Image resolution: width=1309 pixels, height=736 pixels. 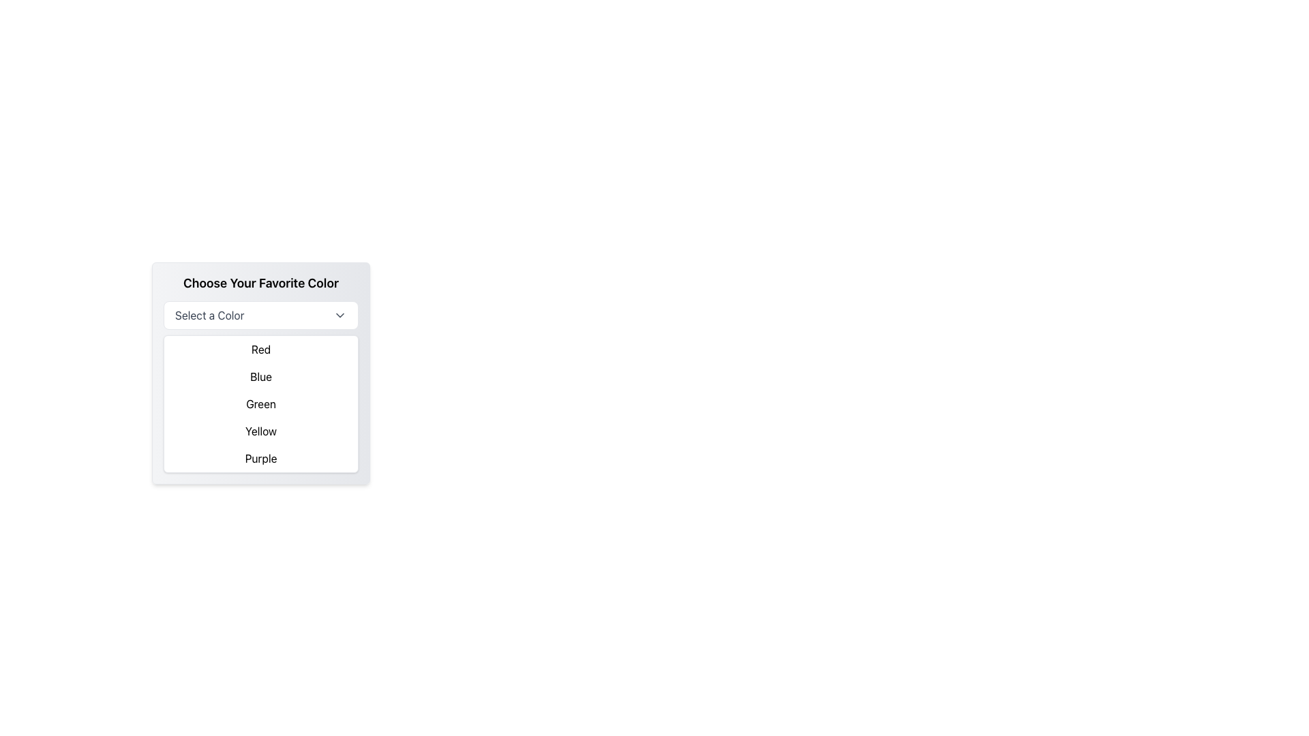 I want to click on the dropdown menu that provides a list of color options for selection, located below the 'Select a Color' option, so click(x=261, y=403).